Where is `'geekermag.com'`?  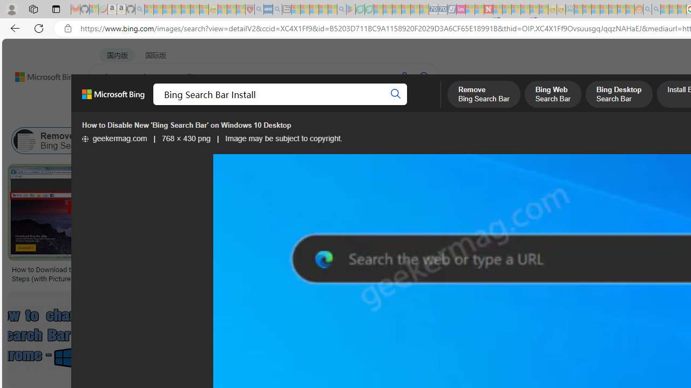 'geekermag.com' is located at coordinates (114, 138).